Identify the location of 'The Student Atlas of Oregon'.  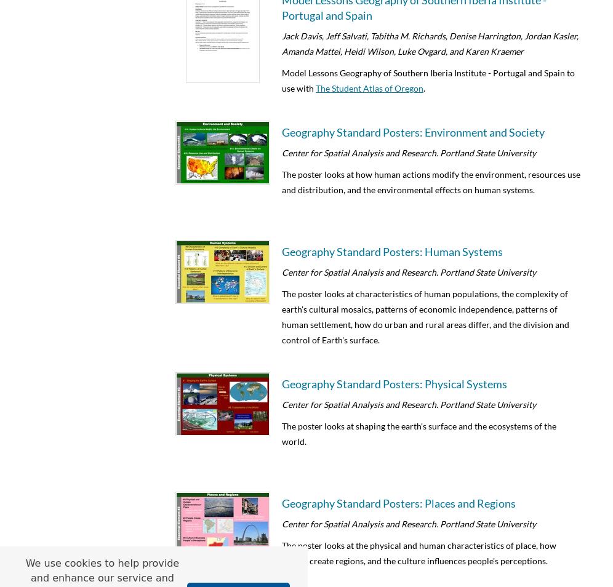
(369, 87).